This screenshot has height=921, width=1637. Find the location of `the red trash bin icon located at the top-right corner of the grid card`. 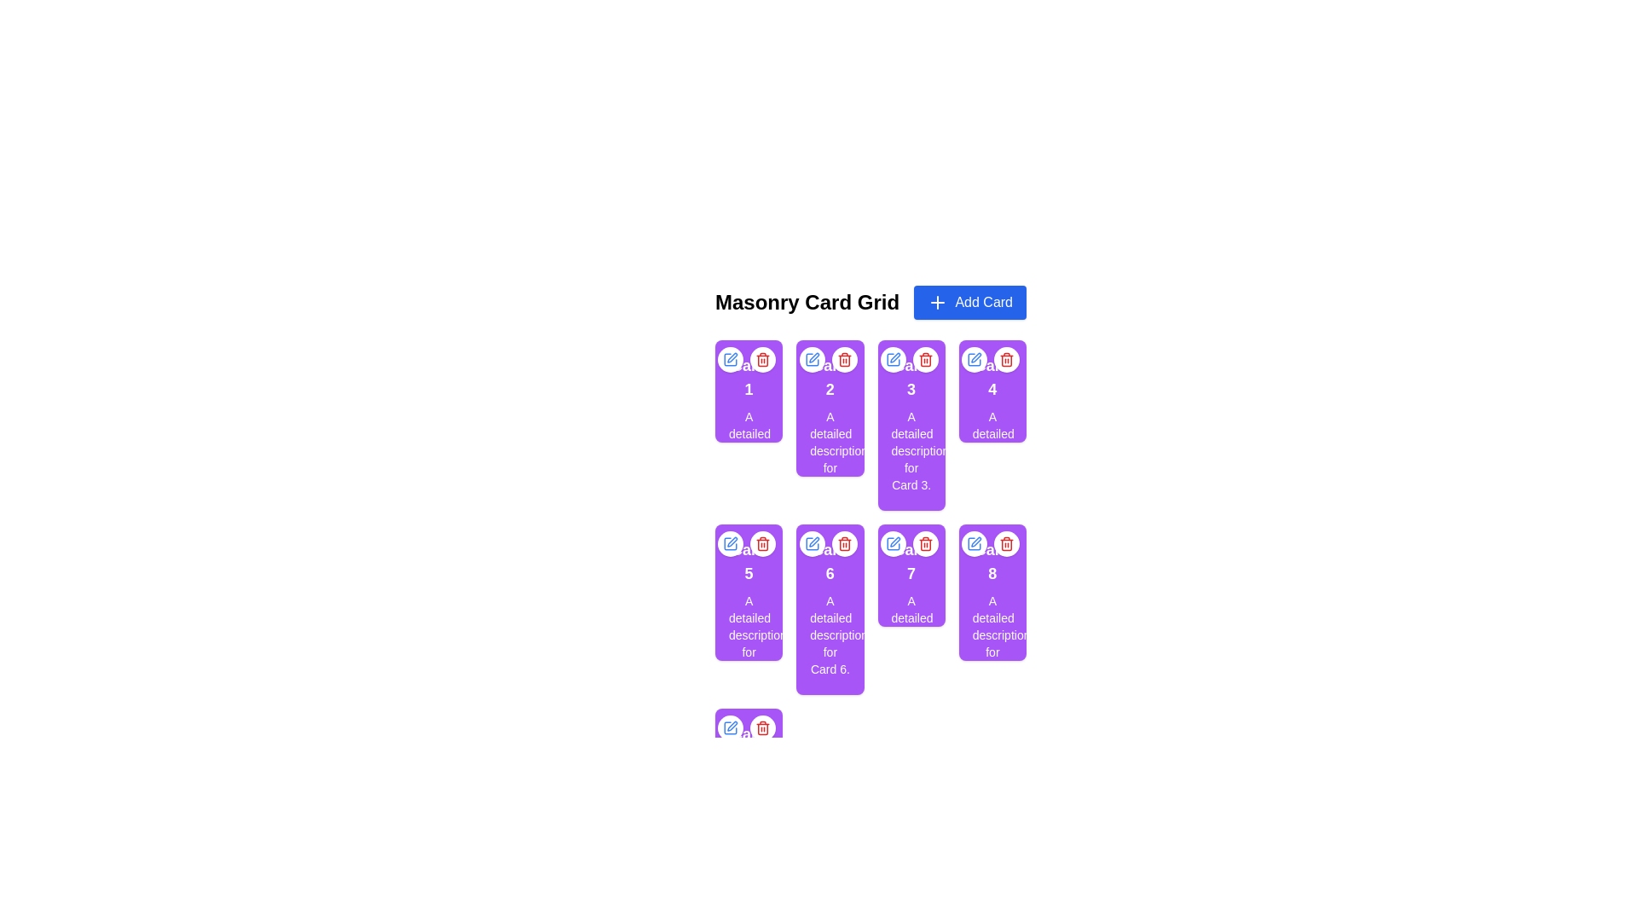

the red trash bin icon located at the top-right corner of the grid card is located at coordinates (924, 543).